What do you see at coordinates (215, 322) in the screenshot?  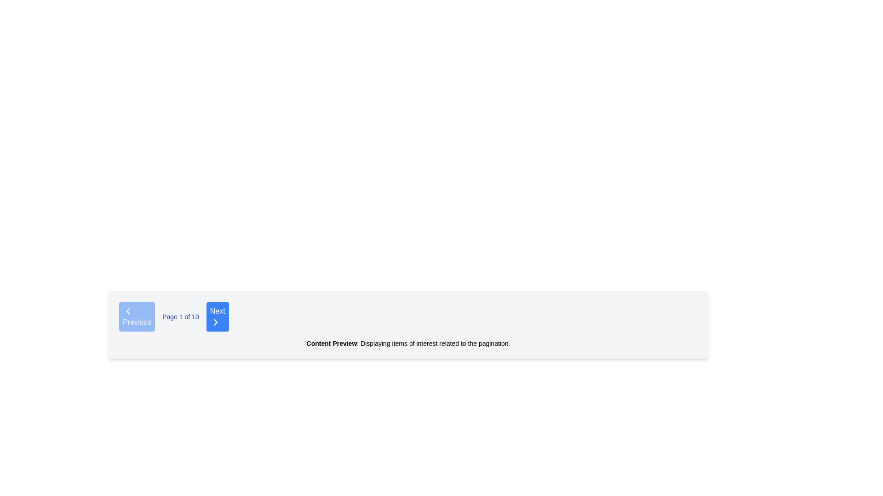 I see `the 'Next' button, which is located toward the center-right of the pagination control panel` at bounding box center [215, 322].